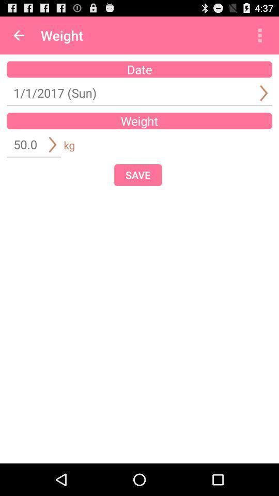 The width and height of the screenshot is (279, 496). Describe the element at coordinates (138, 175) in the screenshot. I see `the item below weight` at that location.